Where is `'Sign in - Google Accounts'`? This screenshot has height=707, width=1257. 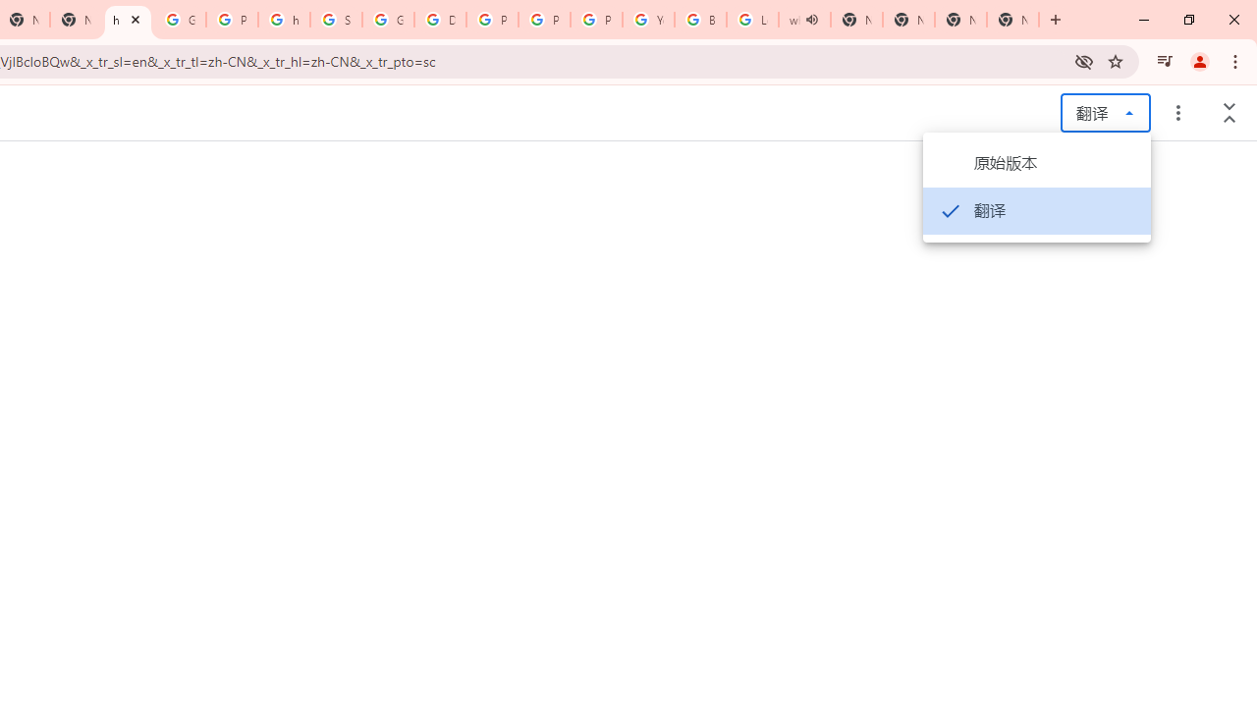
'Sign in - Google Accounts' is located at coordinates (336, 20).